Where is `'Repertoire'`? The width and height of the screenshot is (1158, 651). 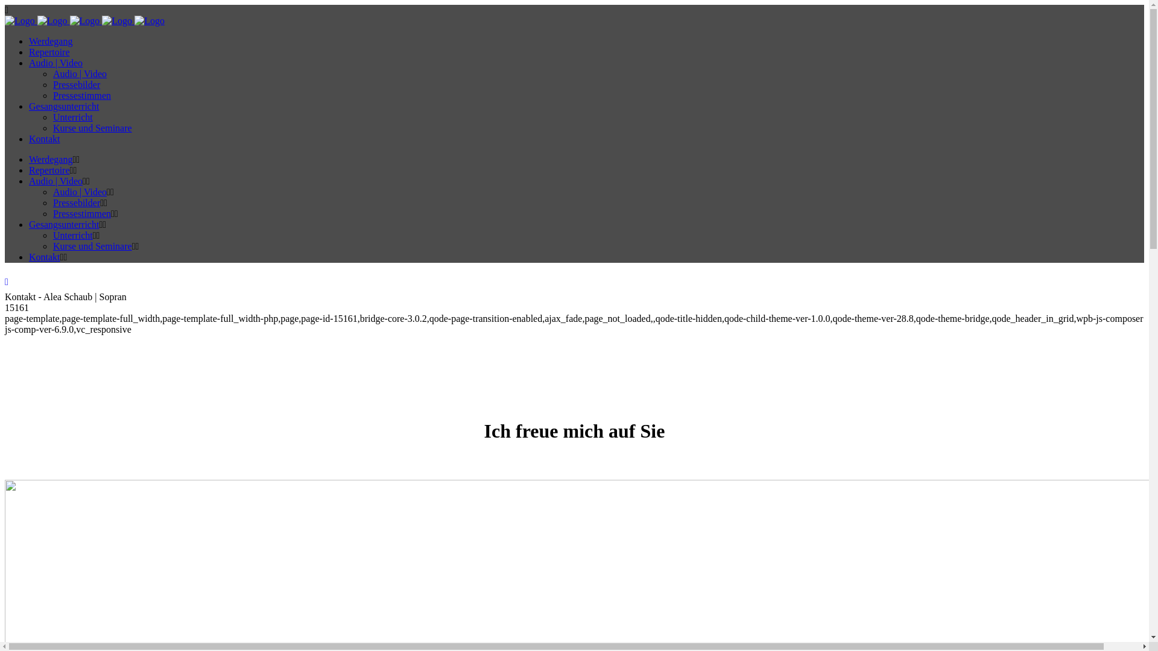 'Repertoire' is located at coordinates (48, 51).